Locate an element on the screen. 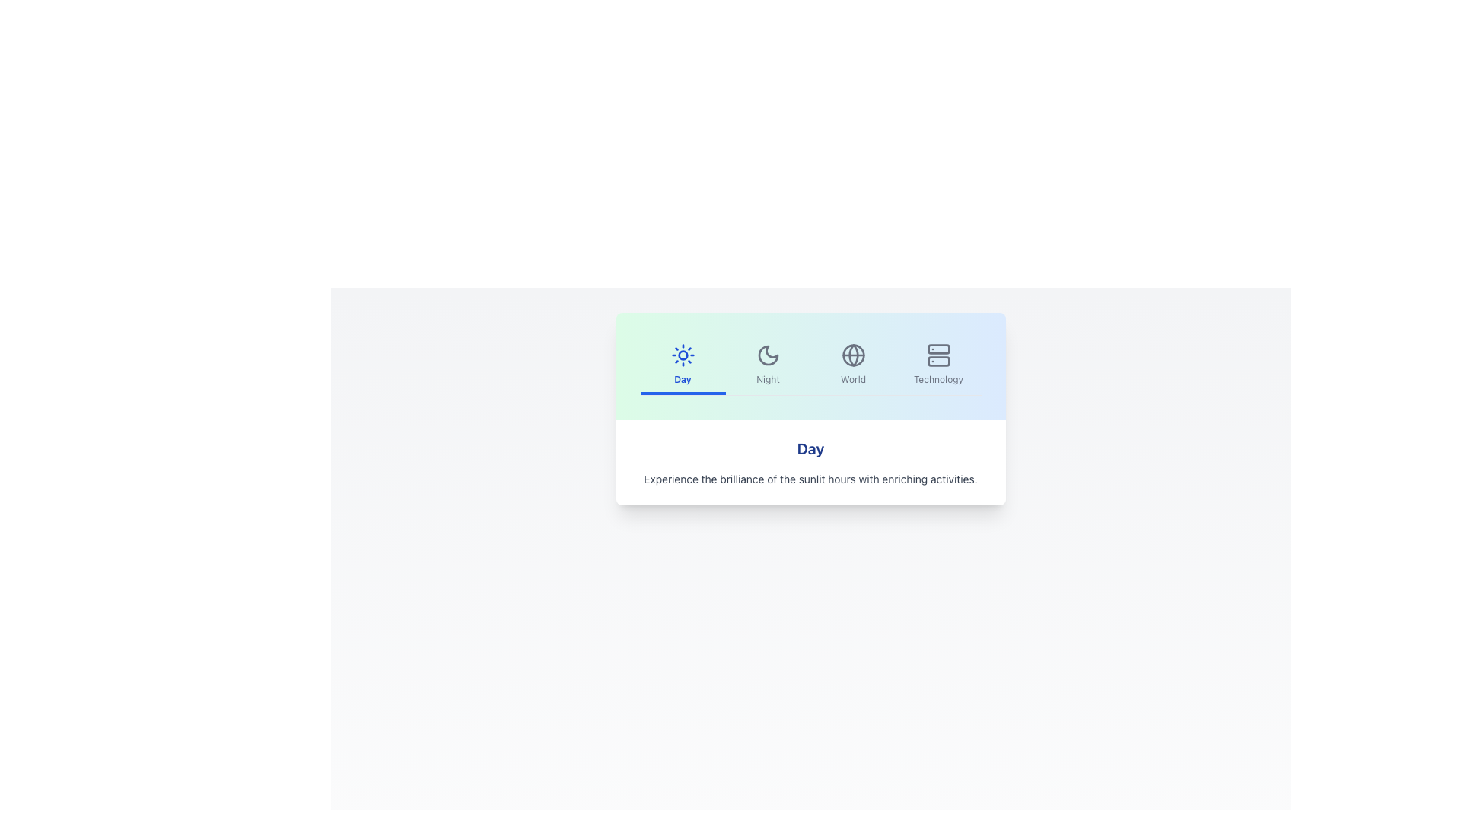 Image resolution: width=1461 pixels, height=822 pixels. the 'Technology' category icon, which is centrally positioned in the tab menu with an associated text label beneath it is located at coordinates (937, 355).